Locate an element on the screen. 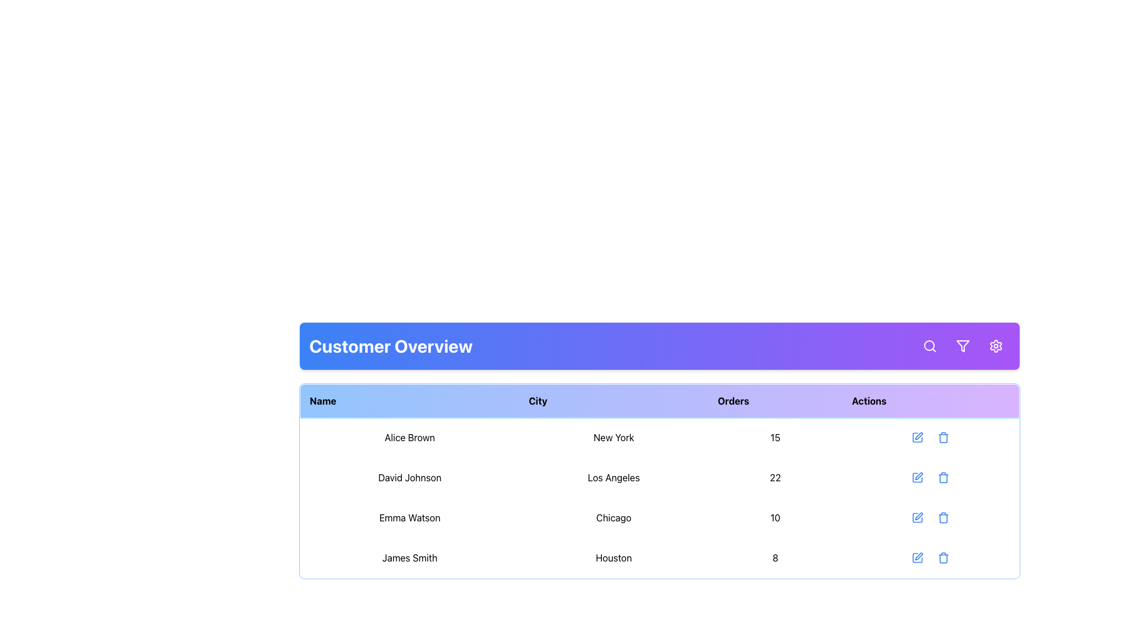 Image resolution: width=1133 pixels, height=637 pixels. the central filter button located between the search icon and settings icon in the top-right corner is located at coordinates (963, 345).